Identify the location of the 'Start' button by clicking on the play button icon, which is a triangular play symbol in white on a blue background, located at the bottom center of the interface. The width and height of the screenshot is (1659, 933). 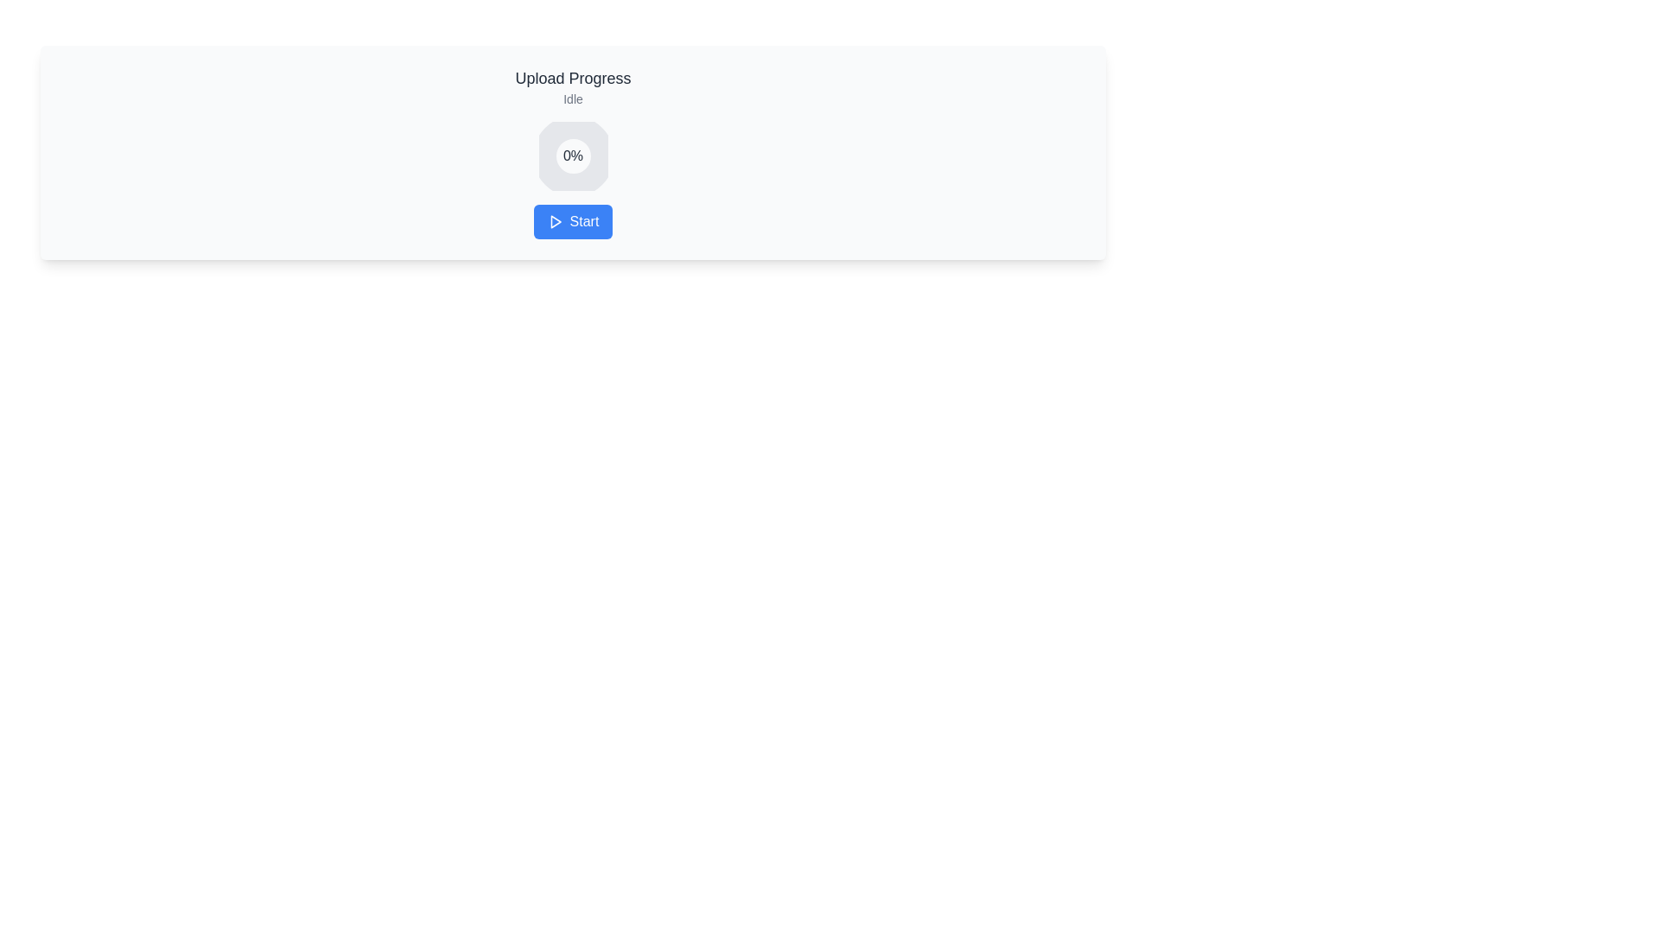
(555, 221).